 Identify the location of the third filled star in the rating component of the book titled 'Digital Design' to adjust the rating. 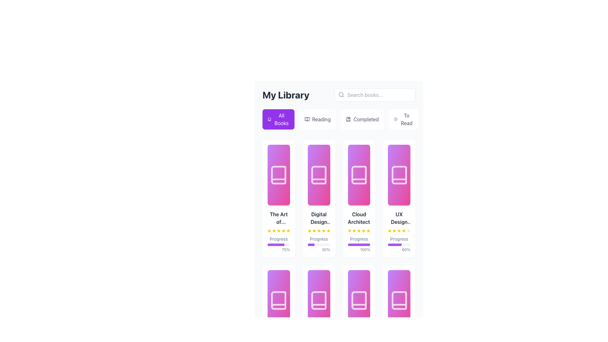
(314, 231).